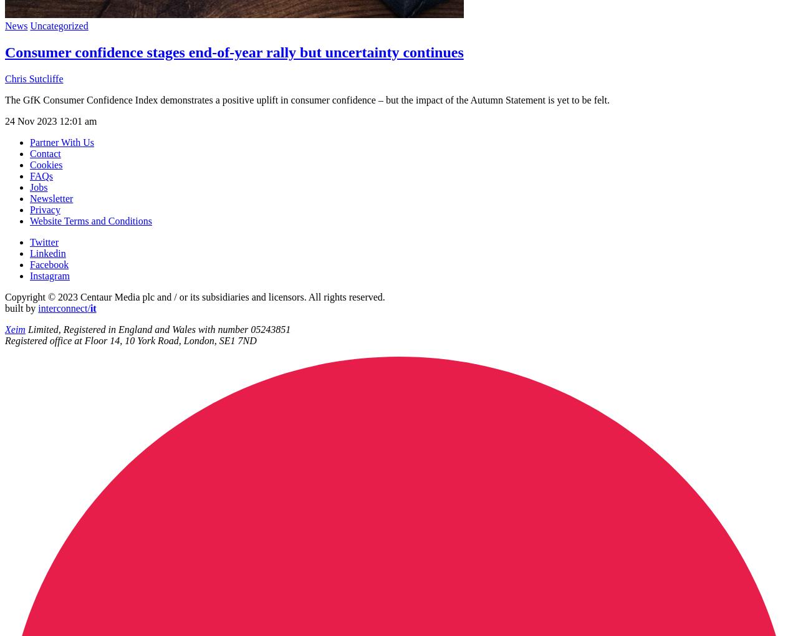  I want to click on '/', so click(87, 307).